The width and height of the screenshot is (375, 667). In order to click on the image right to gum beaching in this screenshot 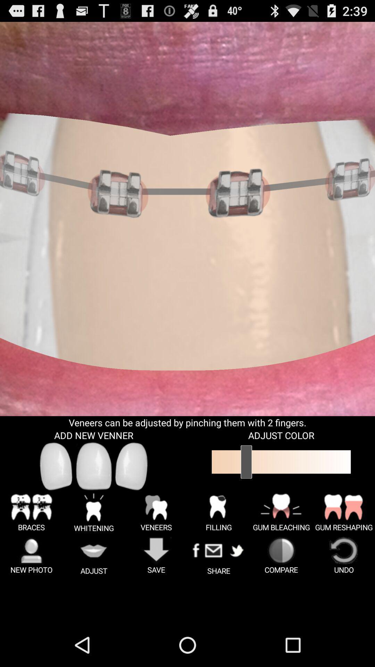, I will do `click(344, 512)`.